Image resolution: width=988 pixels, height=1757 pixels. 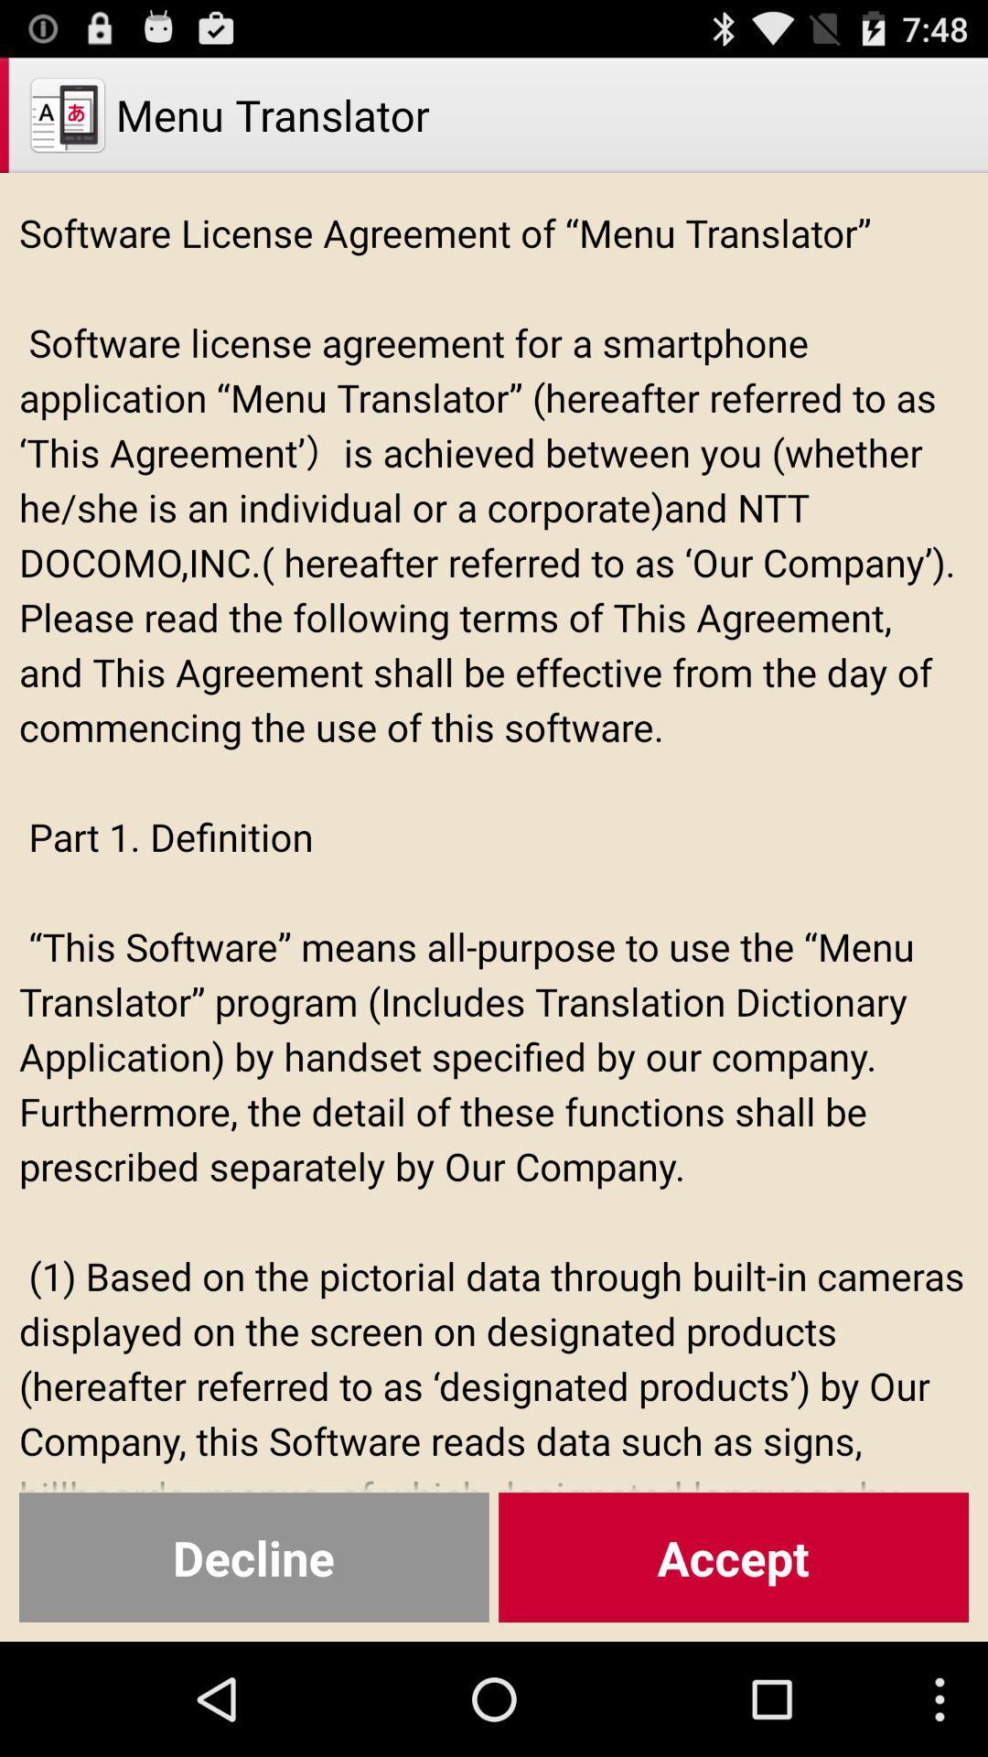 What do you see at coordinates (253, 1557) in the screenshot?
I see `decline item` at bounding box center [253, 1557].